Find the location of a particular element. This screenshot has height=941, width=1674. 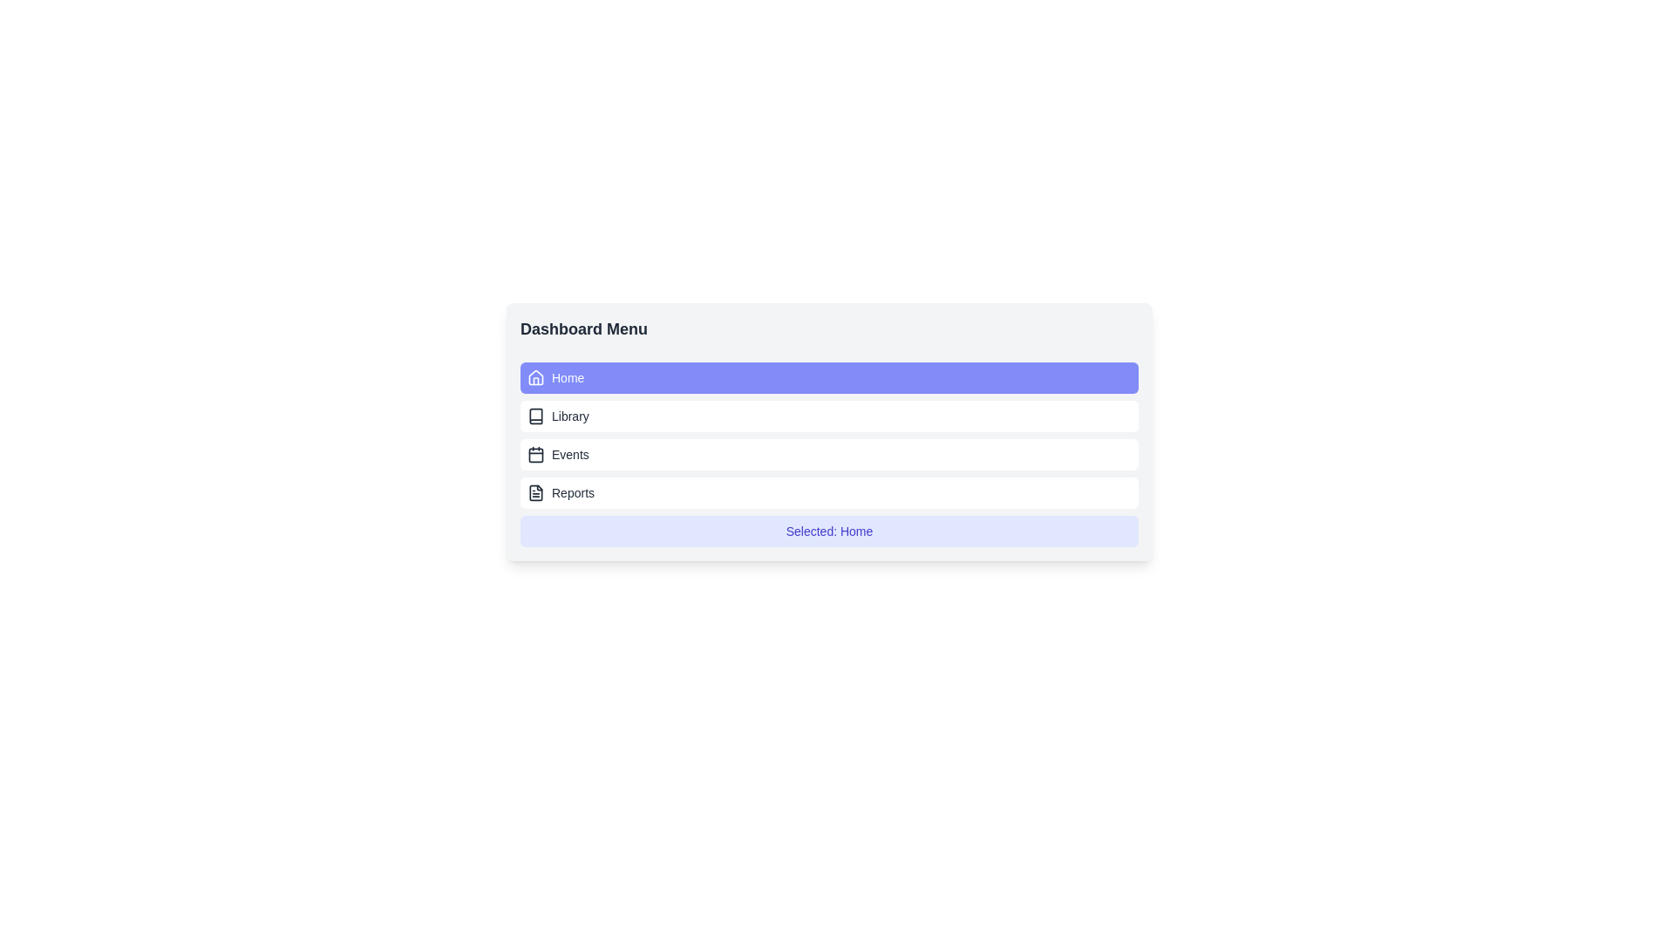

the menu button labeled Reports is located at coordinates (828, 493).